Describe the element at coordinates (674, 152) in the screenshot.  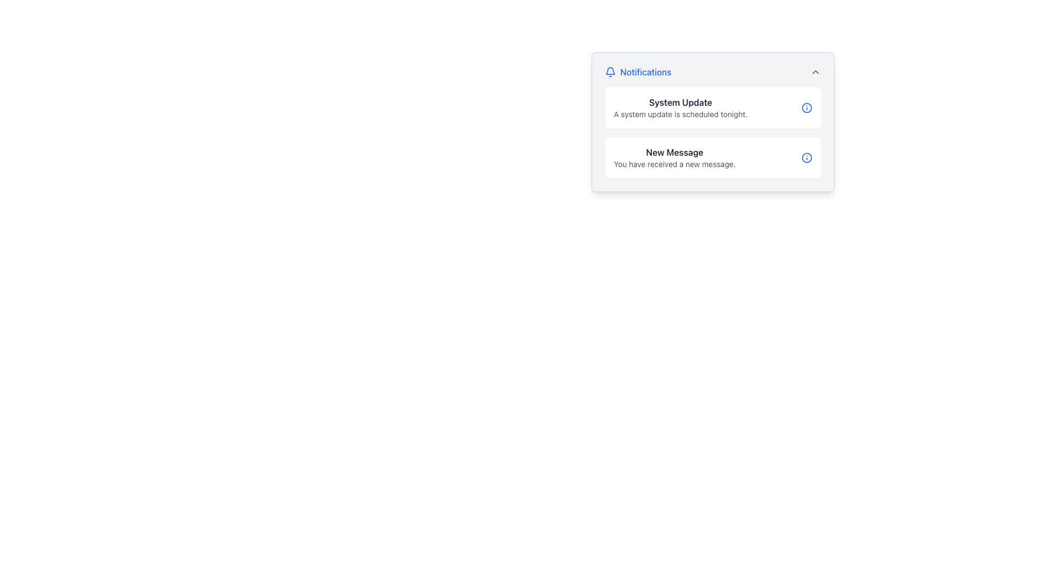
I see `bold text label displaying 'New Message' located at the top of the notification card component` at that location.